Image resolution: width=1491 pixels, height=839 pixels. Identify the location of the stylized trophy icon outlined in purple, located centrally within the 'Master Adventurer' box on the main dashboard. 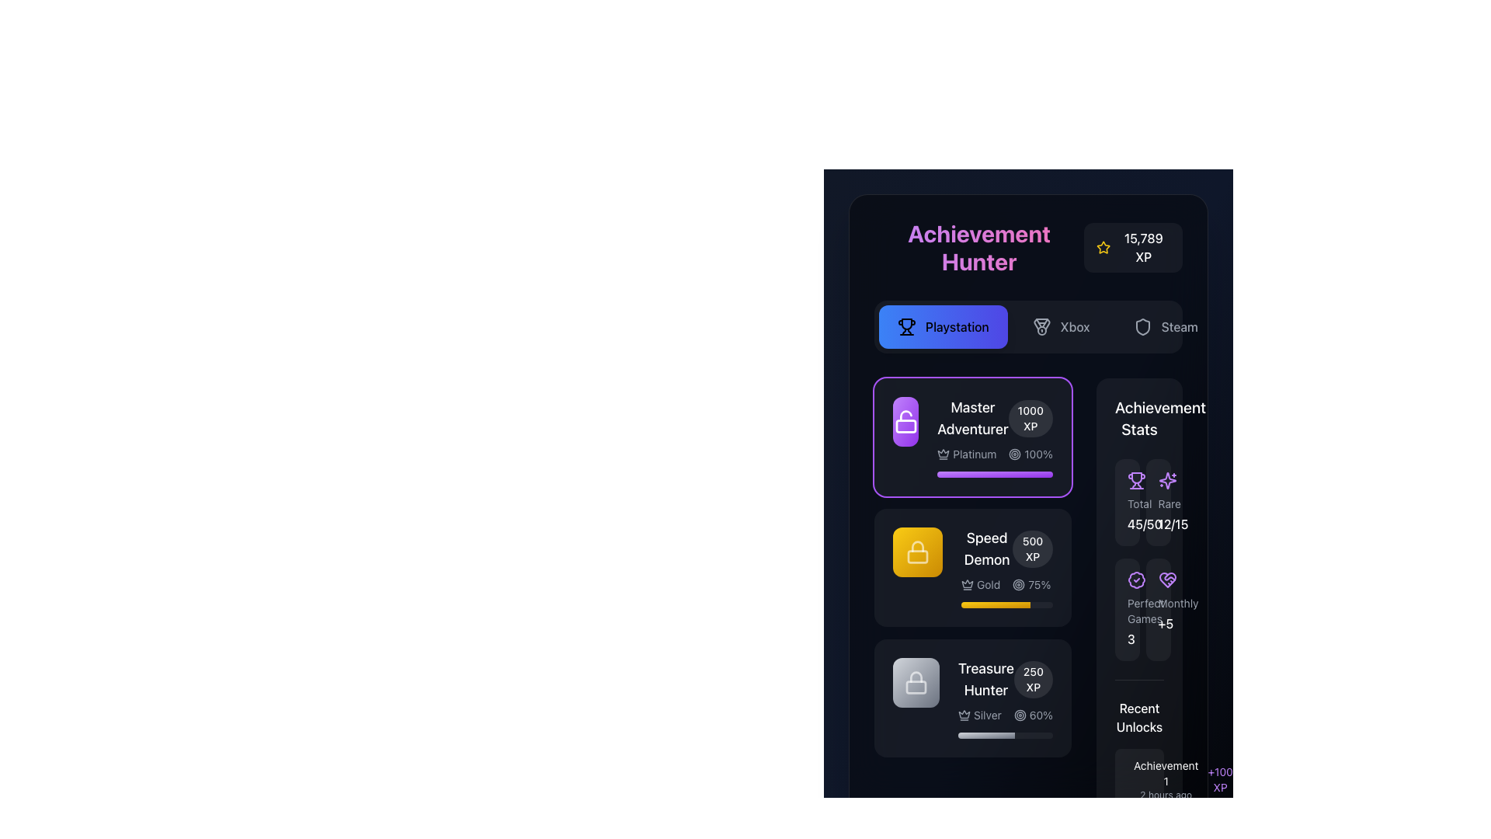
(1137, 476).